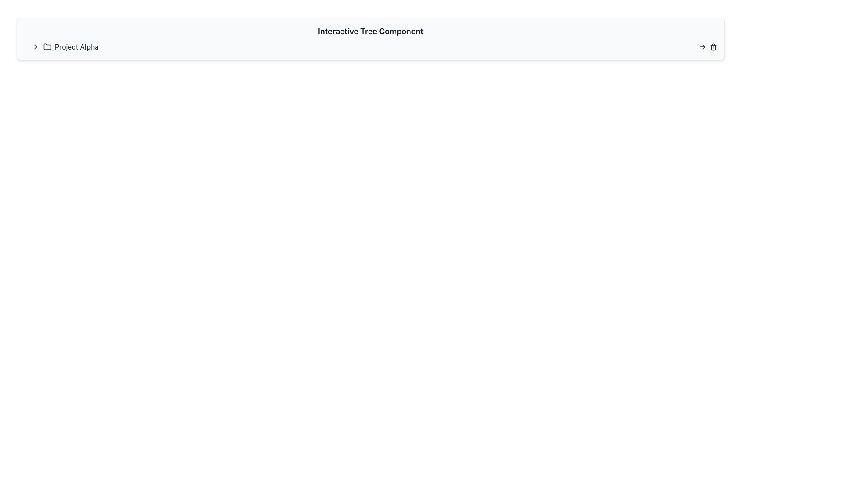 This screenshot has height=487, width=866. Describe the element at coordinates (370, 31) in the screenshot. I see `the static text label that serves as the title or header for the interface section, positioned at the top of its rounded rectangle panel` at that location.